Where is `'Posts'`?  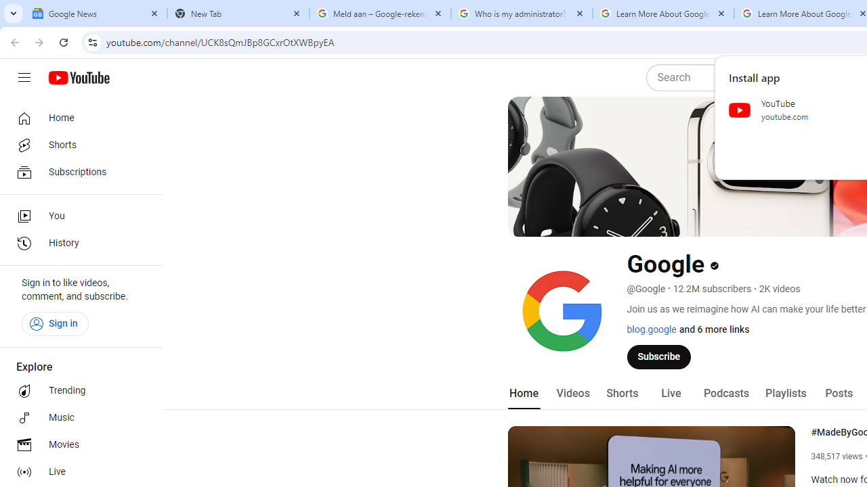
'Posts' is located at coordinates (838, 393).